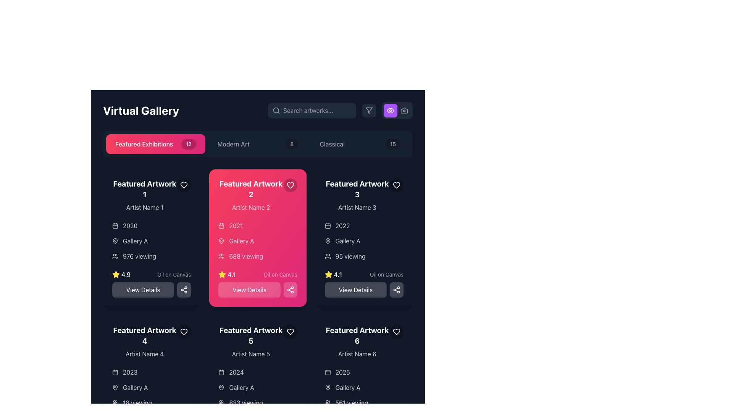  I want to click on the location-specific icon next to the text 'Gallery A' in the 'Featured Artwork 2' card, so click(221, 241).